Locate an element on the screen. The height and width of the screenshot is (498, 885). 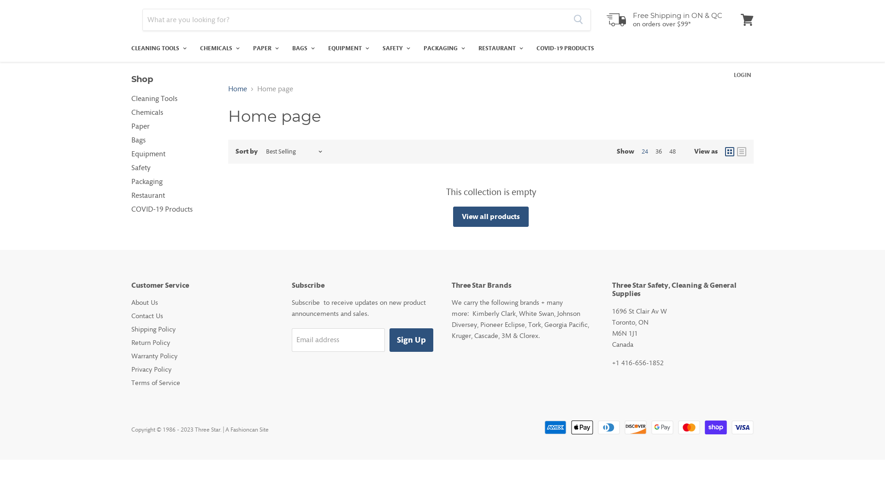
'A Fashioncan Site' is located at coordinates (247, 429).